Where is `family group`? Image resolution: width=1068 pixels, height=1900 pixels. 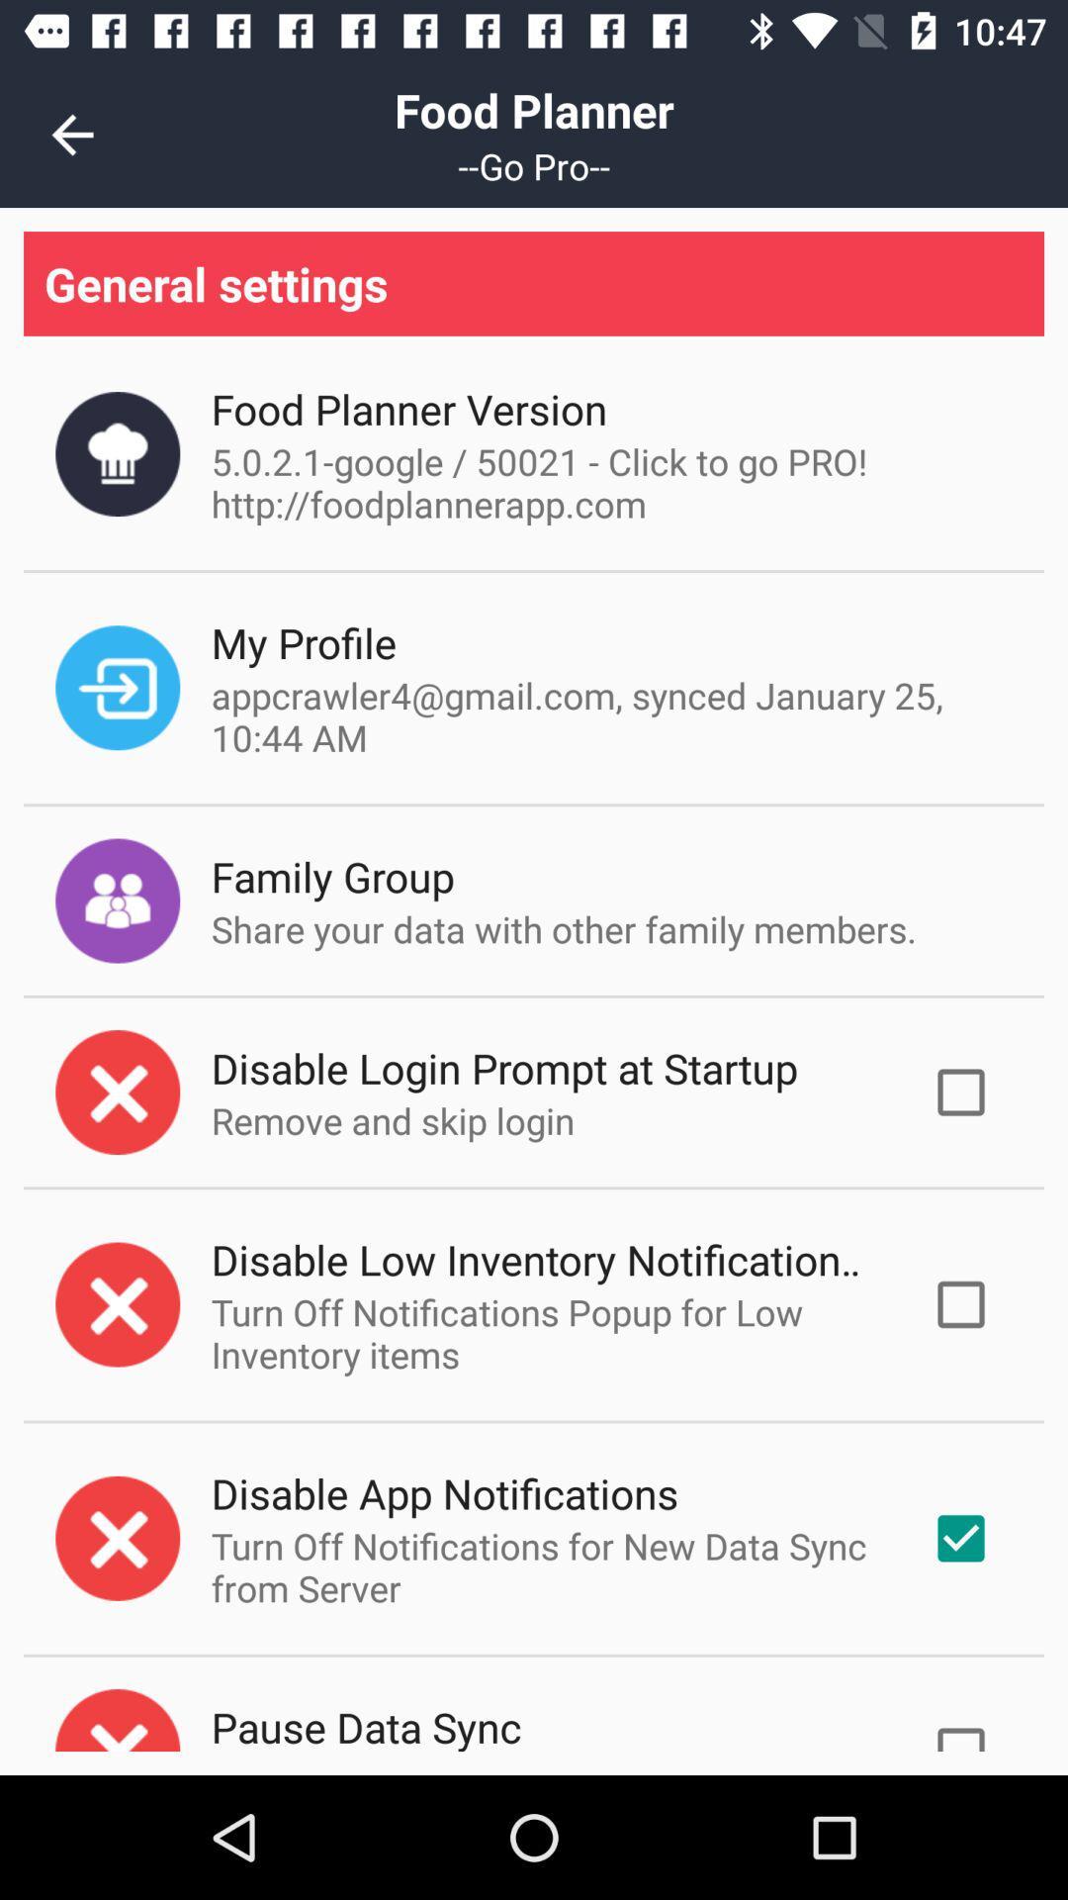 family group is located at coordinates (331, 875).